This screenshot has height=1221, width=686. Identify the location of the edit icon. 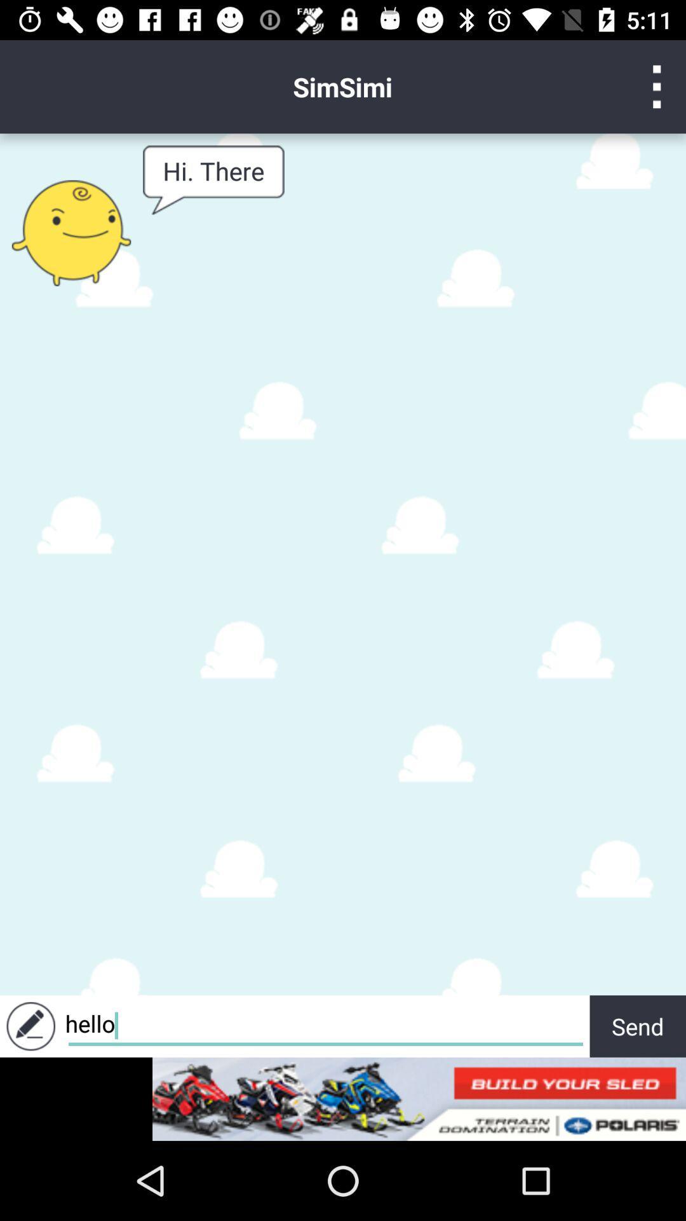
(30, 1026).